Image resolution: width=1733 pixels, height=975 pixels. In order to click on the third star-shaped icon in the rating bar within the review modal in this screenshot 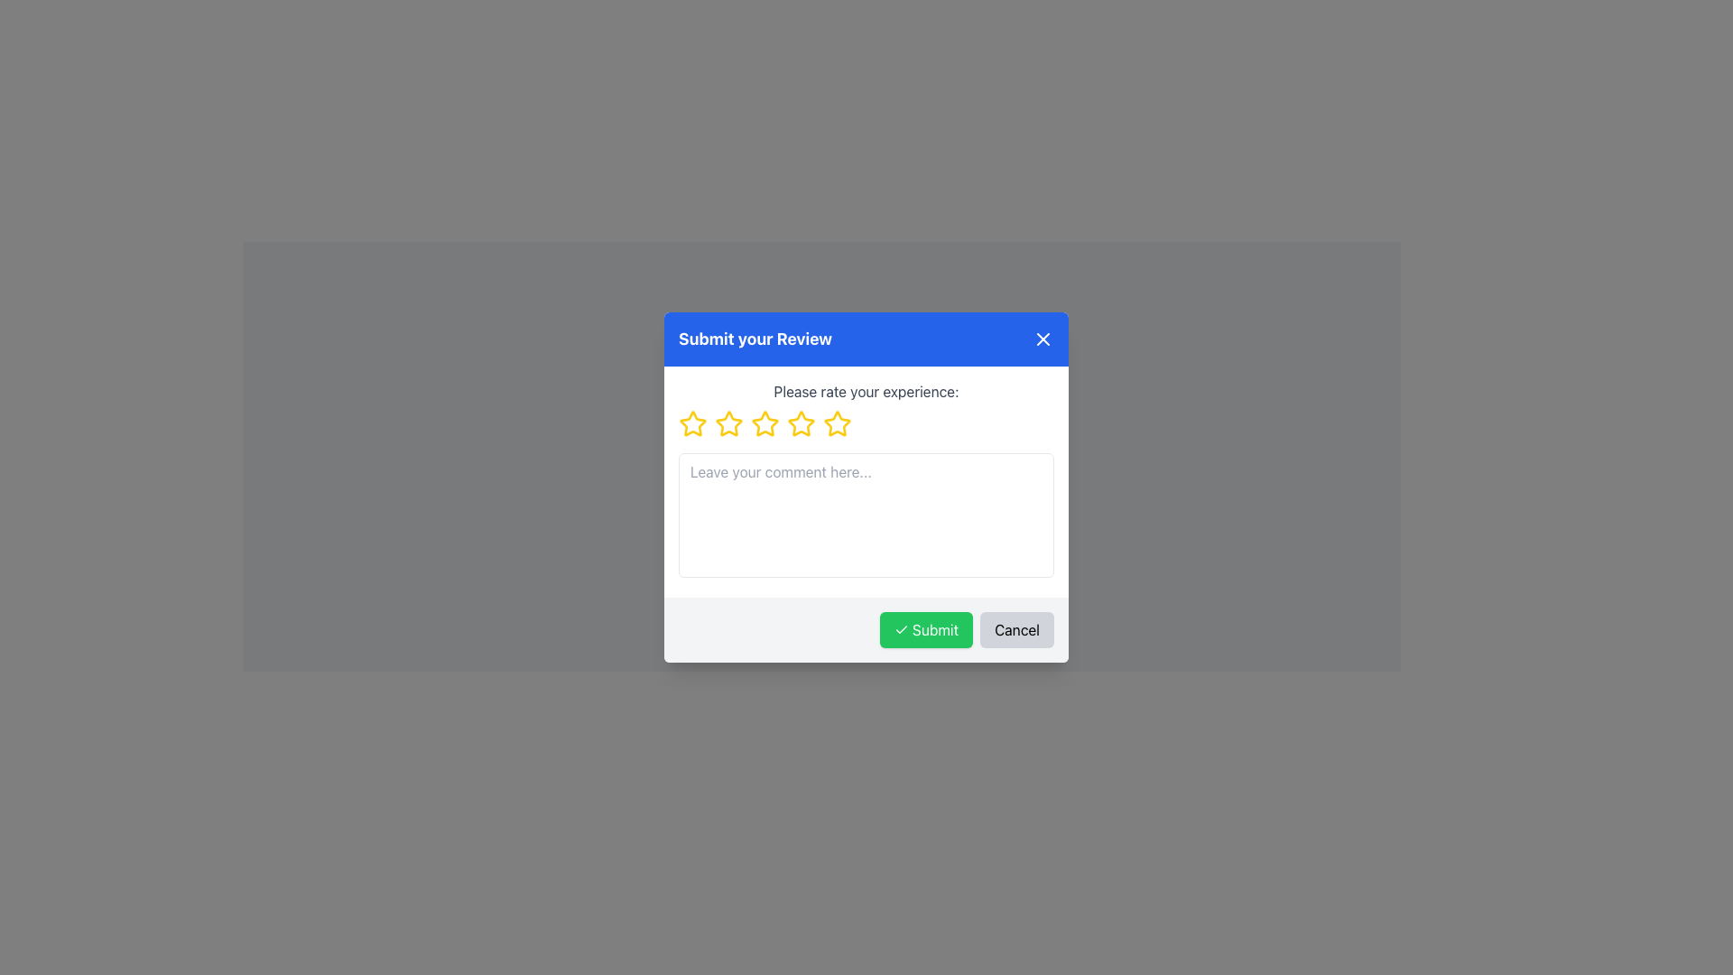, I will do `click(728, 424)`.